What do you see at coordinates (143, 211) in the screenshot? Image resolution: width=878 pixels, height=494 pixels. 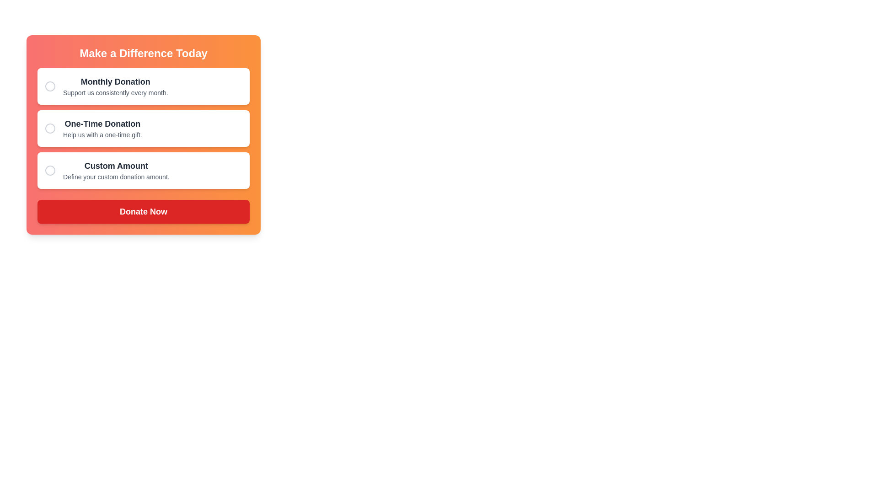 I see `the confirmation button located at the bottom of the donation card` at bounding box center [143, 211].